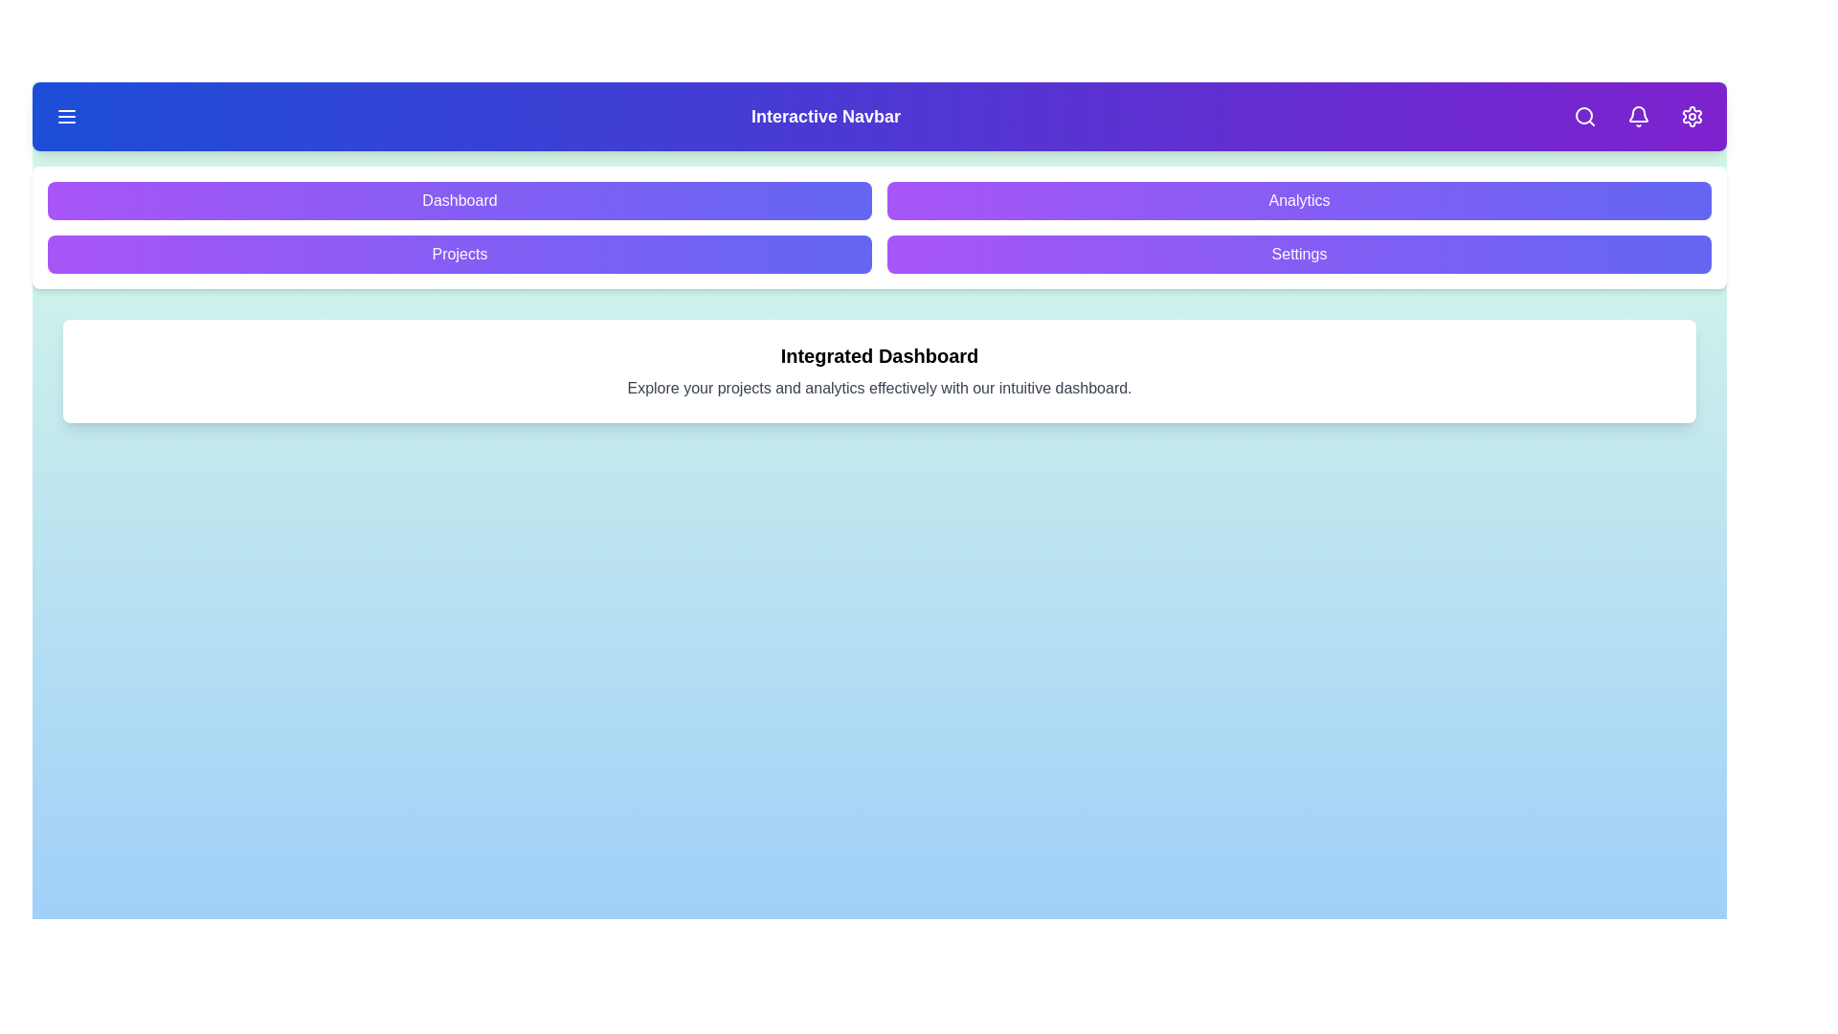  Describe the element at coordinates (1638, 117) in the screenshot. I see `the 'Notifications' button in the navbar` at that location.